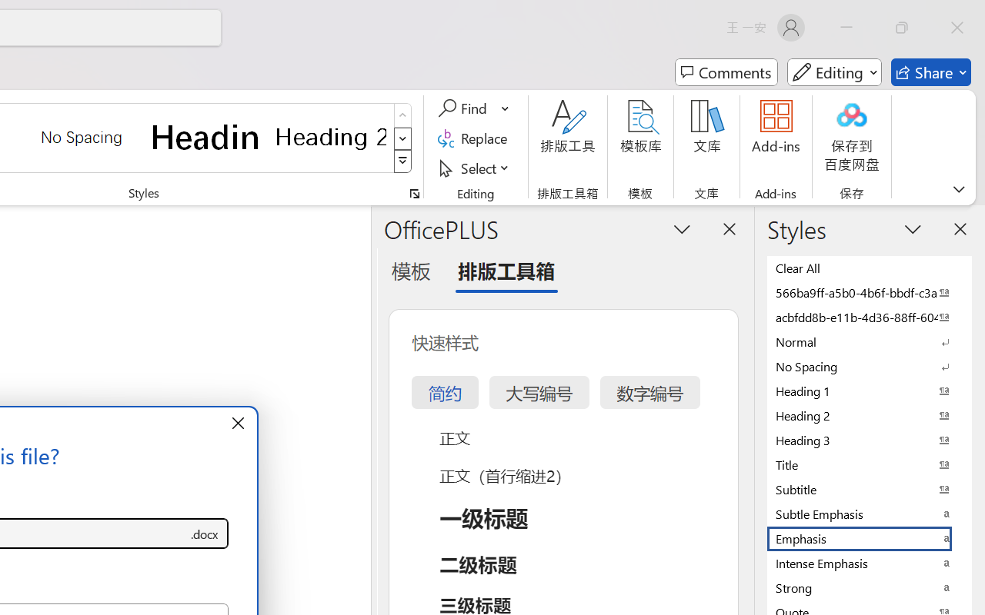 The height and width of the screenshot is (615, 985). I want to click on 'Strong', so click(870, 587).